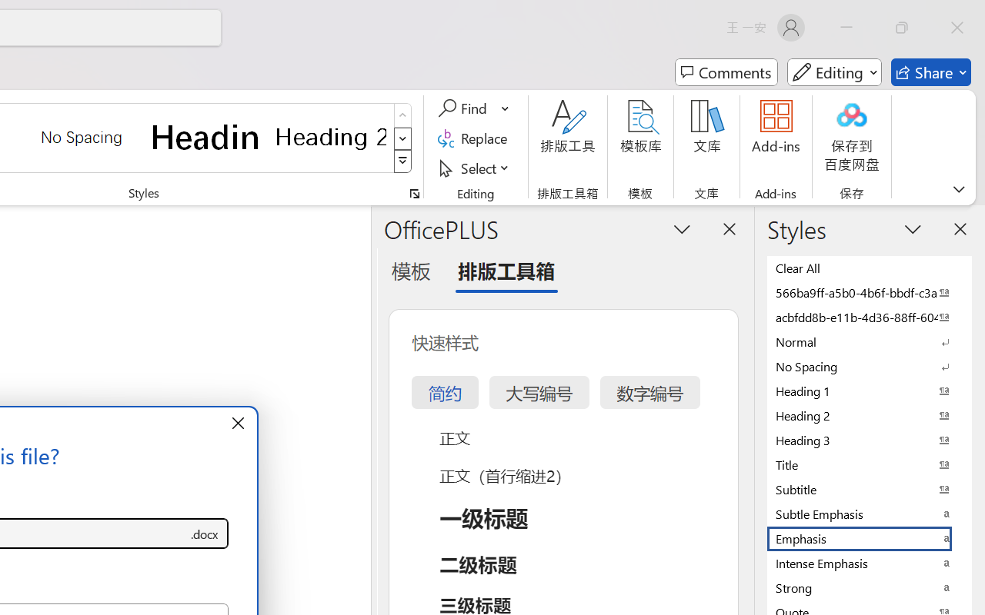 The height and width of the screenshot is (615, 985). I want to click on 'Strong', so click(870, 587).